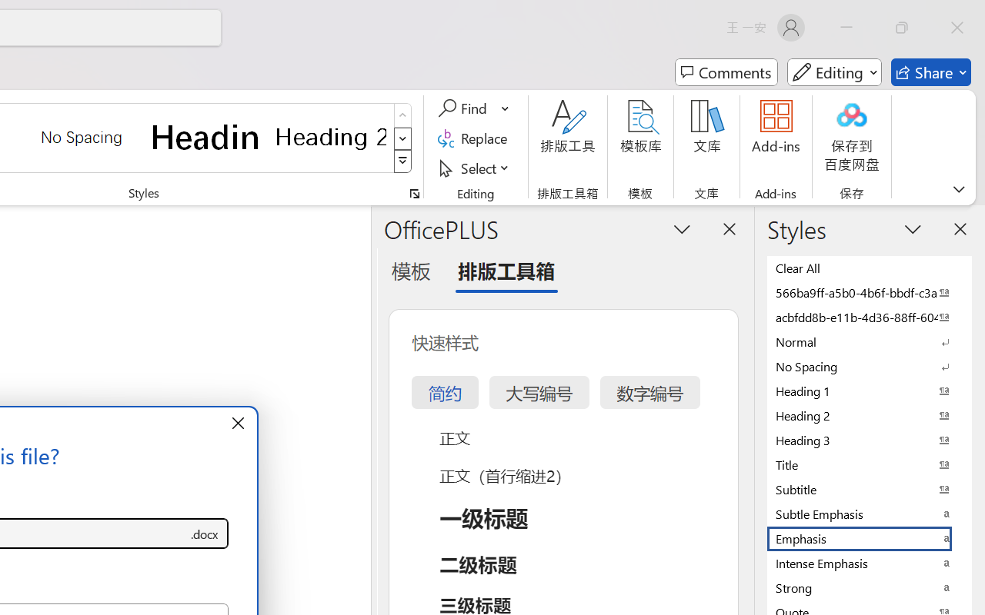 The height and width of the screenshot is (615, 985). I want to click on 'Strong', so click(870, 587).